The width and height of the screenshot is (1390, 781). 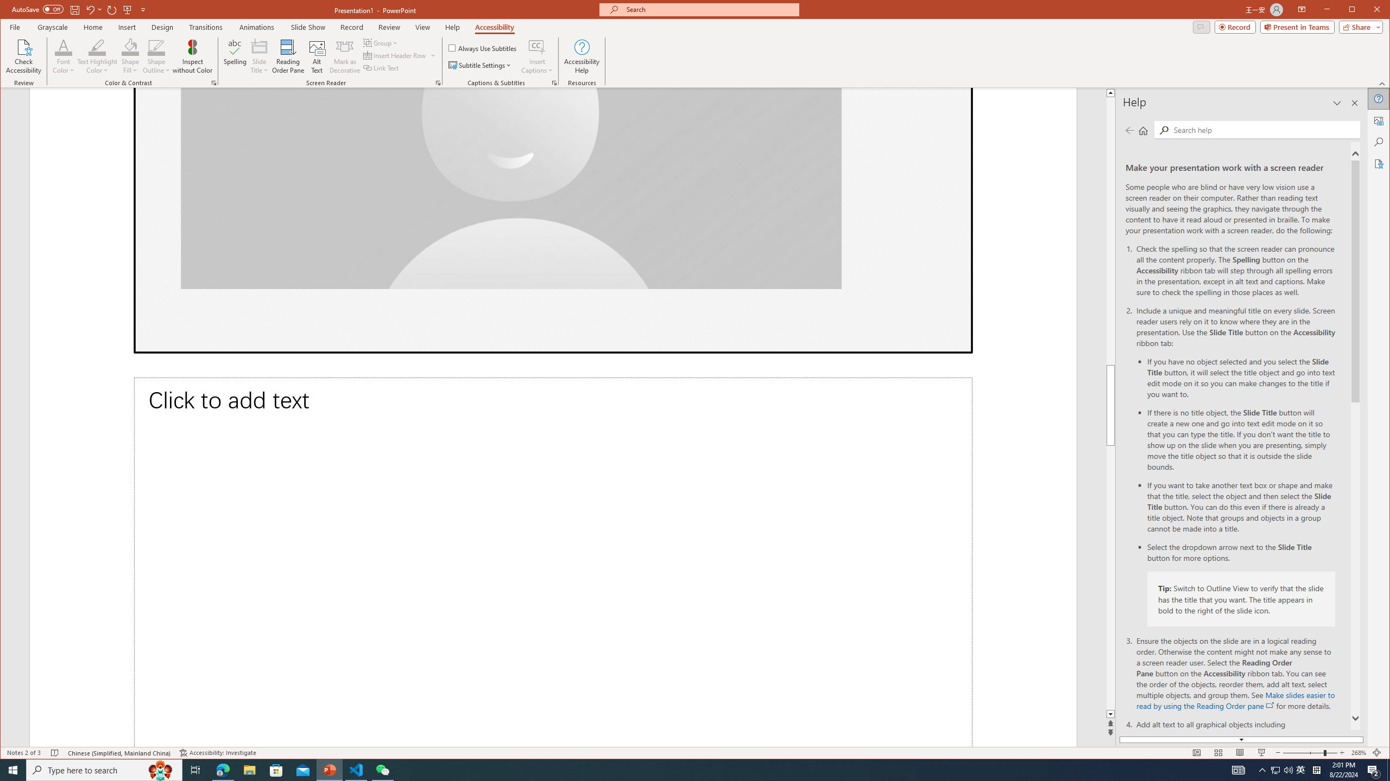 What do you see at coordinates (582, 56) in the screenshot?
I see `'Accessibility Help'` at bounding box center [582, 56].